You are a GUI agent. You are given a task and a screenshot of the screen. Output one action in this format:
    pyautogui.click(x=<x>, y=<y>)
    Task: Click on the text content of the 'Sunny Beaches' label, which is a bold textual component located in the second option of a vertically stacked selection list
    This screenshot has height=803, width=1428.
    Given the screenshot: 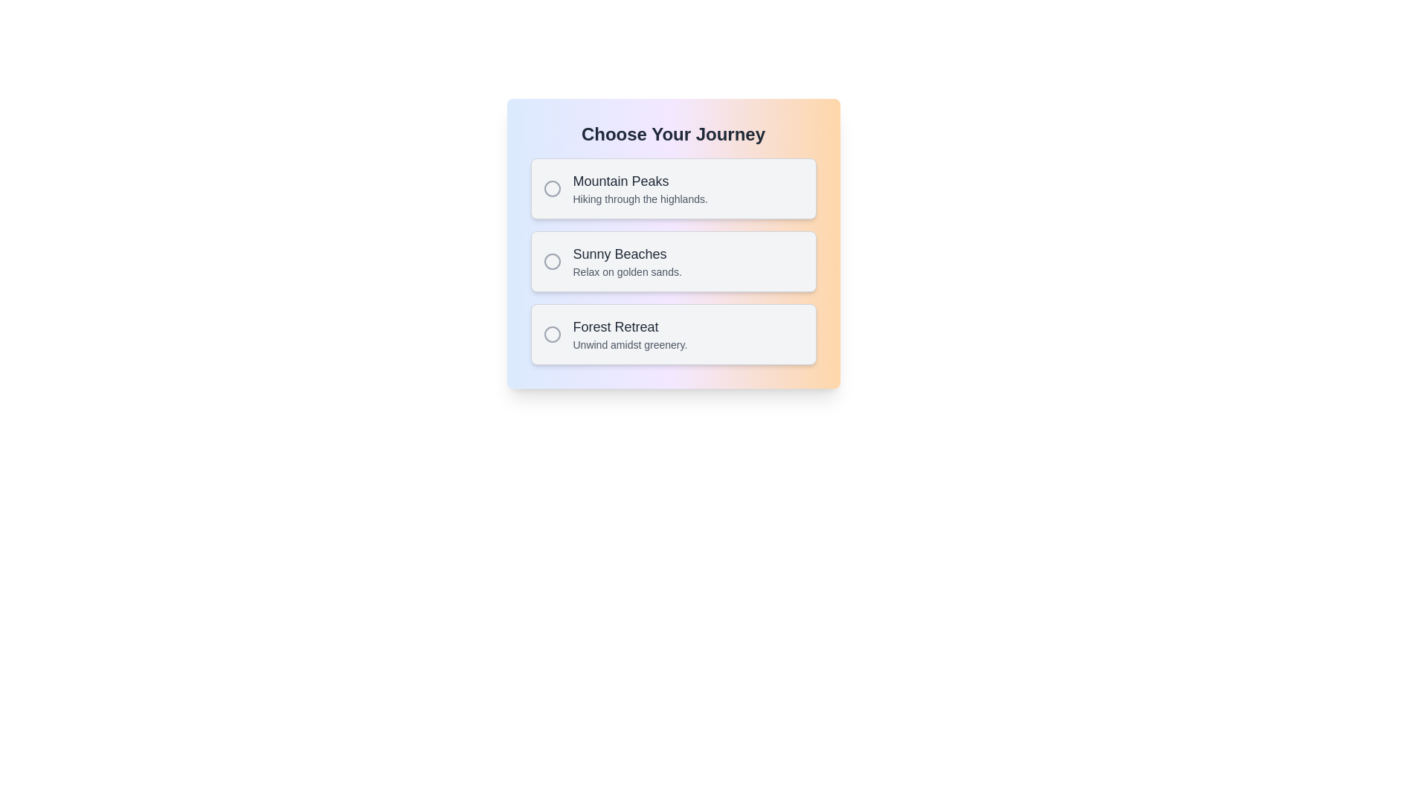 What is the action you would take?
    pyautogui.click(x=627, y=254)
    